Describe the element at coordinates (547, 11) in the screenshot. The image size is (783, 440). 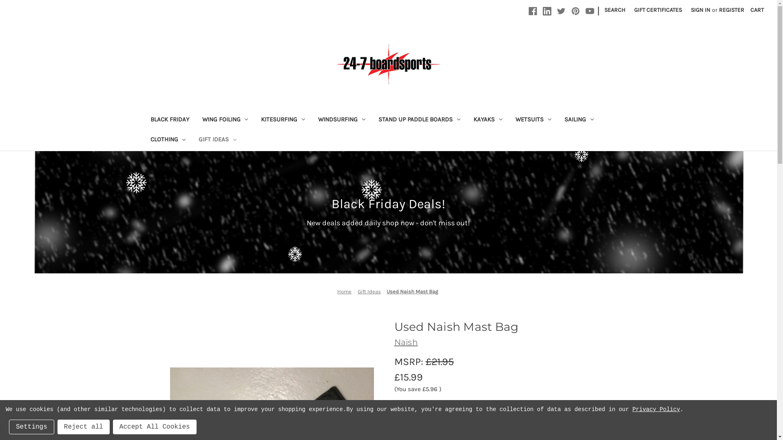
I see `'Linkedin'` at that location.